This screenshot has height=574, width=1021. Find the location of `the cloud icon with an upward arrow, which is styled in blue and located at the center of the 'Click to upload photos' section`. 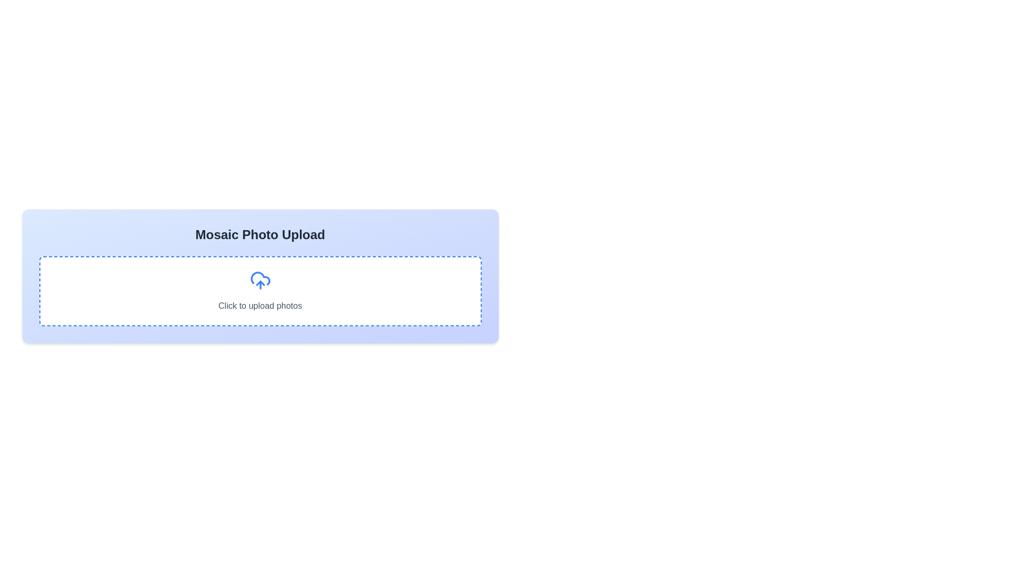

the cloud icon with an upward arrow, which is styled in blue and located at the center of the 'Click to upload photos' section is located at coordinates (260, 280).